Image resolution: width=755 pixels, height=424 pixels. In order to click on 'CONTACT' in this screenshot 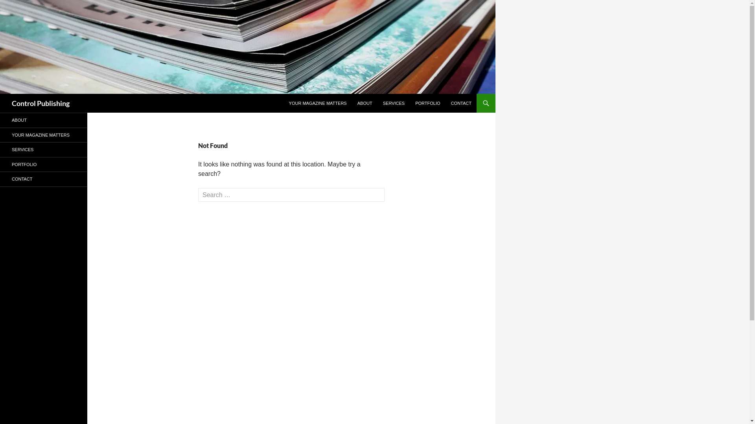, I will do `click(461, 102)`.